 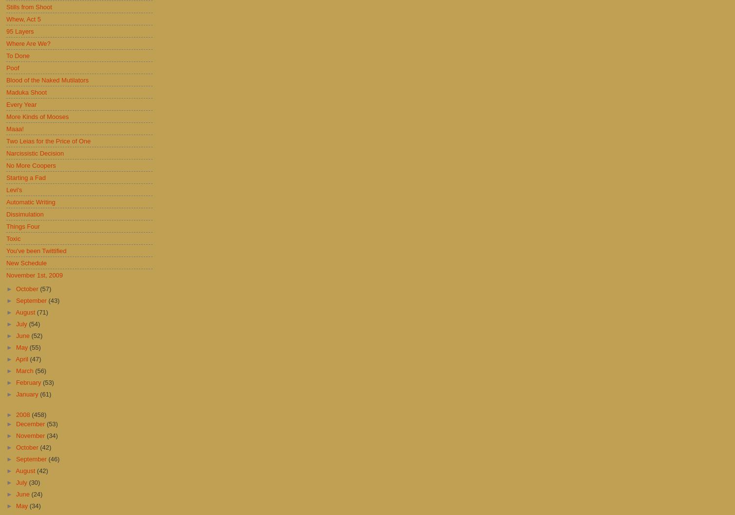 What do you see at coordinates (40, 394) in the screenshot?
I see `'(61)'` at bounding box center [40, 394].